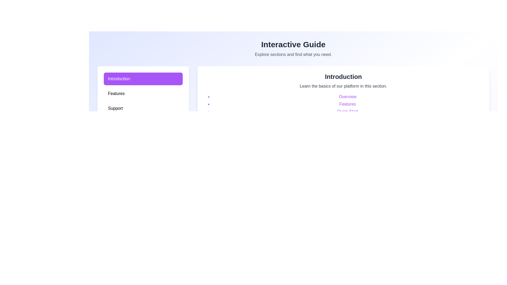  Describe the element at coordinates (143, 94) in the screenshot. I see `the navigation card located in the top-left section of the layout to observe styling changes on the labels for 'Introduction', 'Features', and 'Support'` at that location.